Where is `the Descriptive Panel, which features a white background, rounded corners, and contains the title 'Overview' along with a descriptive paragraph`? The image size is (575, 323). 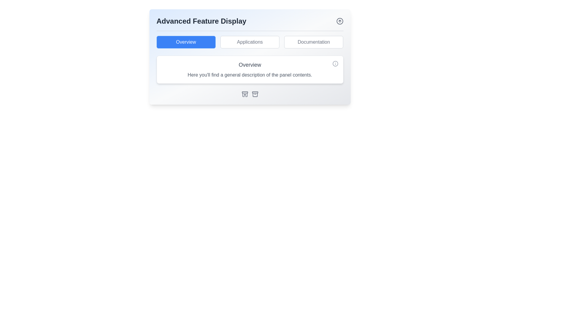 the Descriptive Panel, which features a white background, rounded corners, and contains the title 'Overview' along with a descriptive paragraph is located at coordinates (250, 69).